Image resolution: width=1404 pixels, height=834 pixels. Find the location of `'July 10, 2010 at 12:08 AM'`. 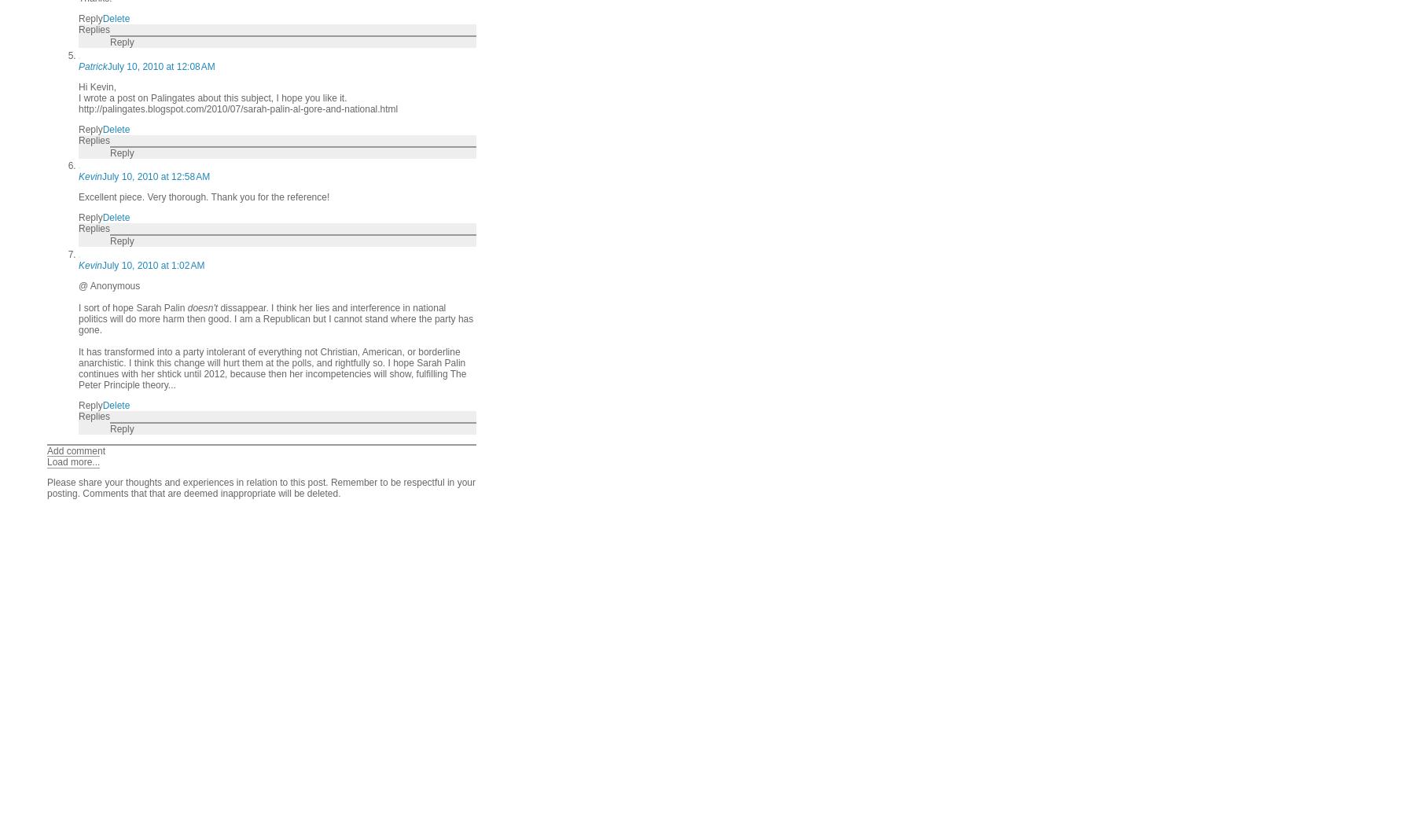

'July 10, 2010 at 12:08 AM' is located at coordinates (160, 66).